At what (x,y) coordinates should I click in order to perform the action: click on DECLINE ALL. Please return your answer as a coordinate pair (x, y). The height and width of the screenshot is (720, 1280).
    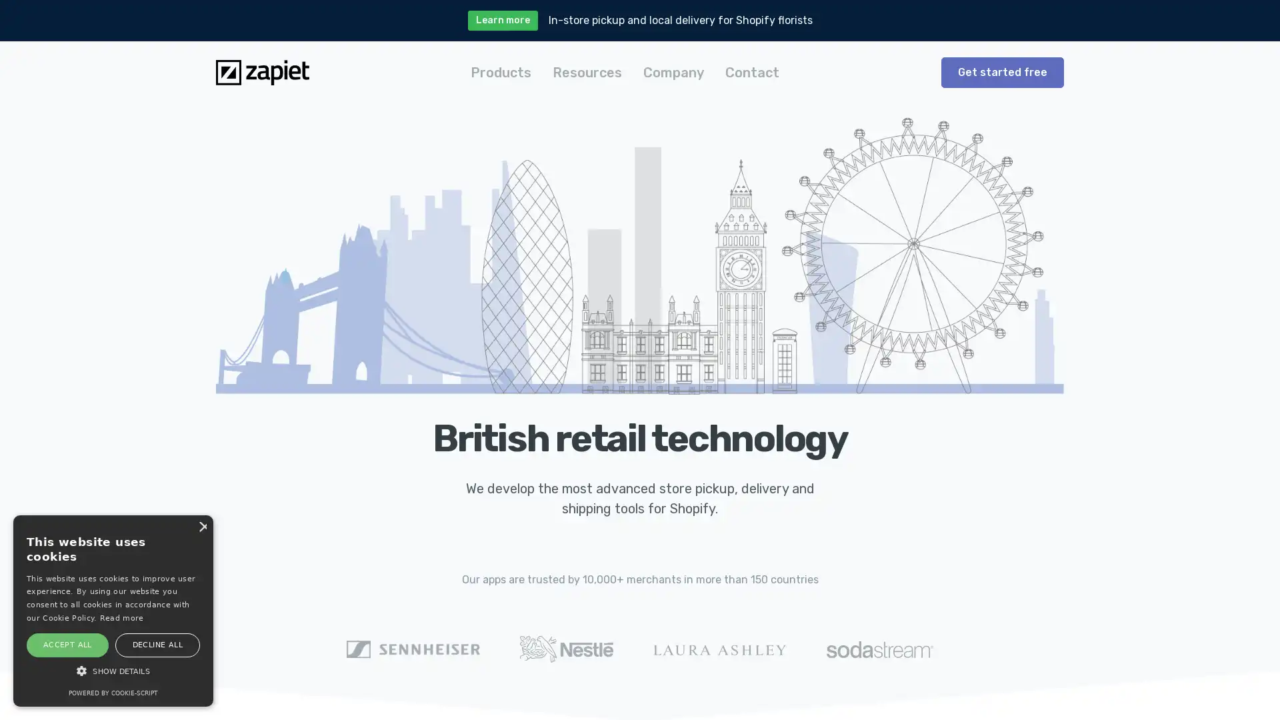
    Looking at the image, I should click on (157, 644).